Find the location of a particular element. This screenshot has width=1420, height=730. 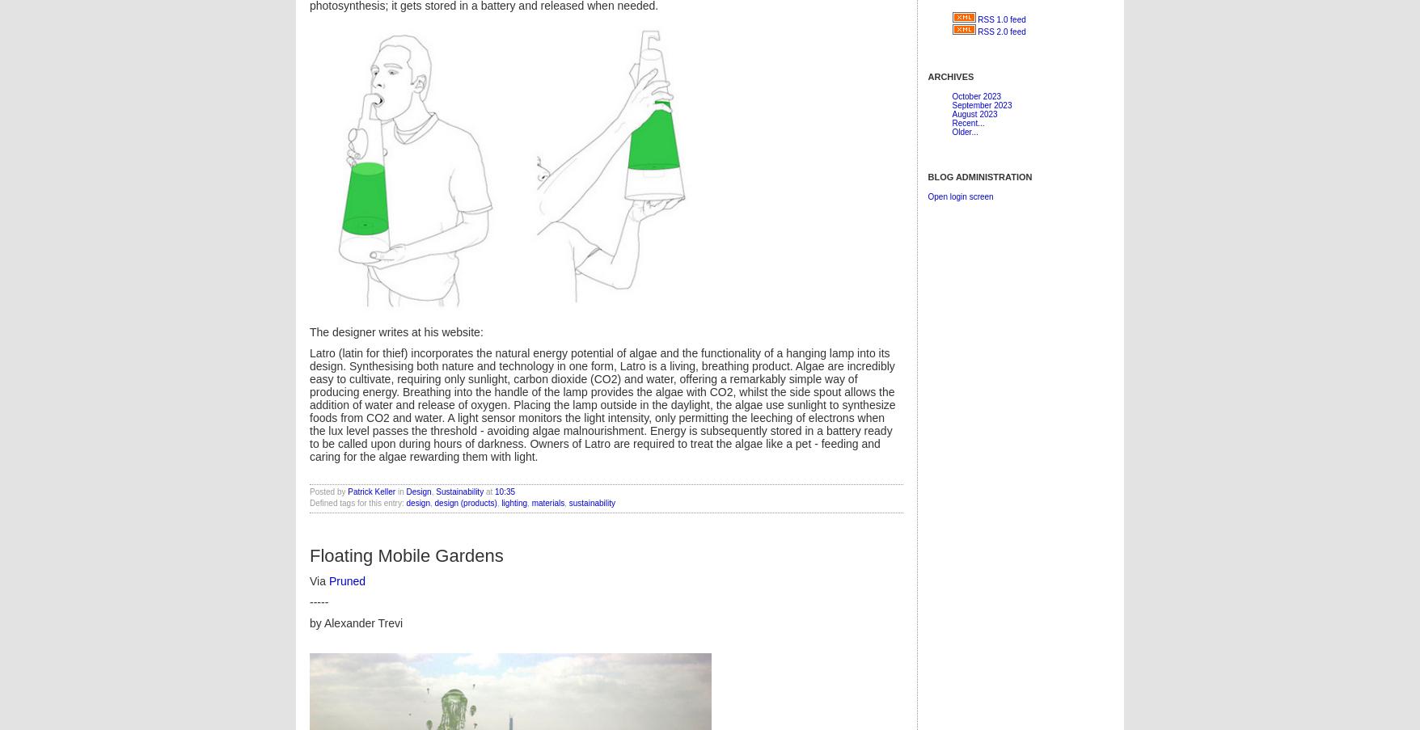

'Posted by' is located at coordinates (328, 491).